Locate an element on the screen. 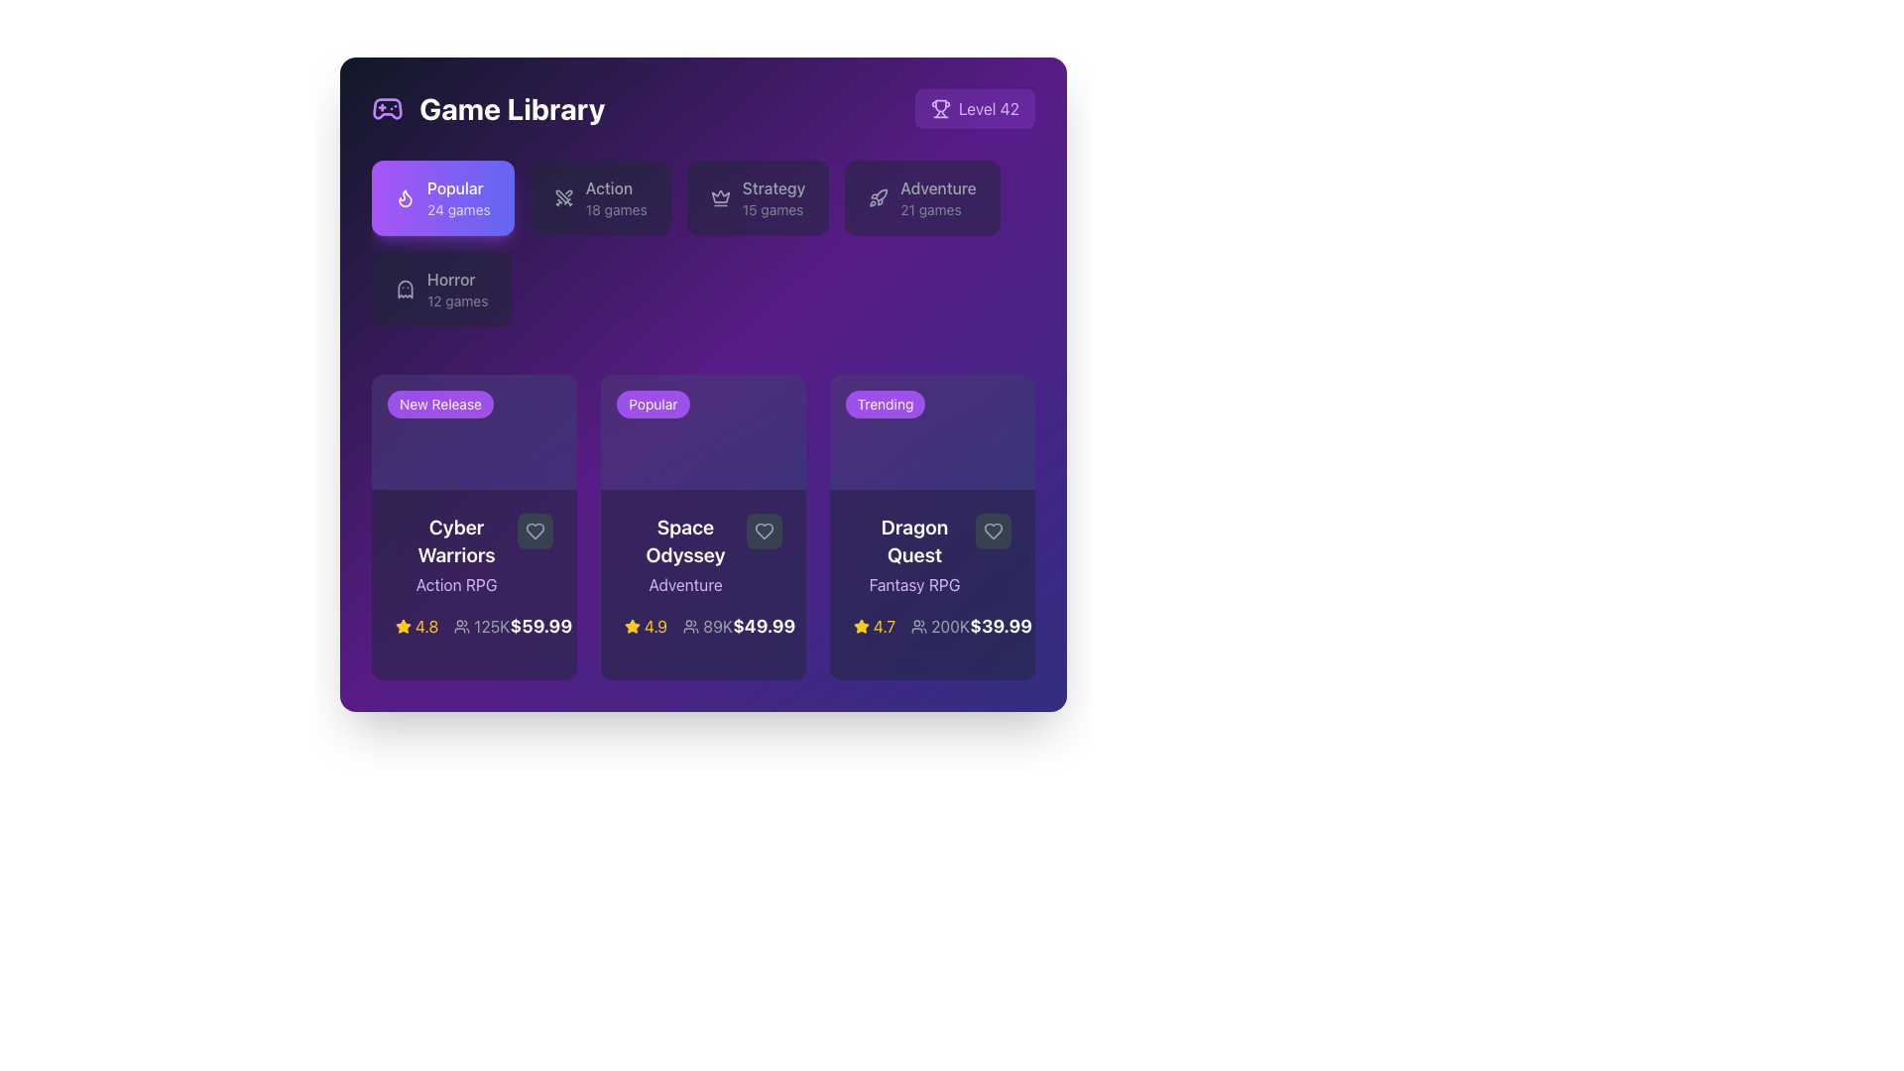 The width and height of the screenshot is (1904, 1071). text content of the label displaying 'Adventure' in light purple, located underneath the header 'Space Odyssey' in the middle card of a three-card display section is located at coordinates (685, 584).